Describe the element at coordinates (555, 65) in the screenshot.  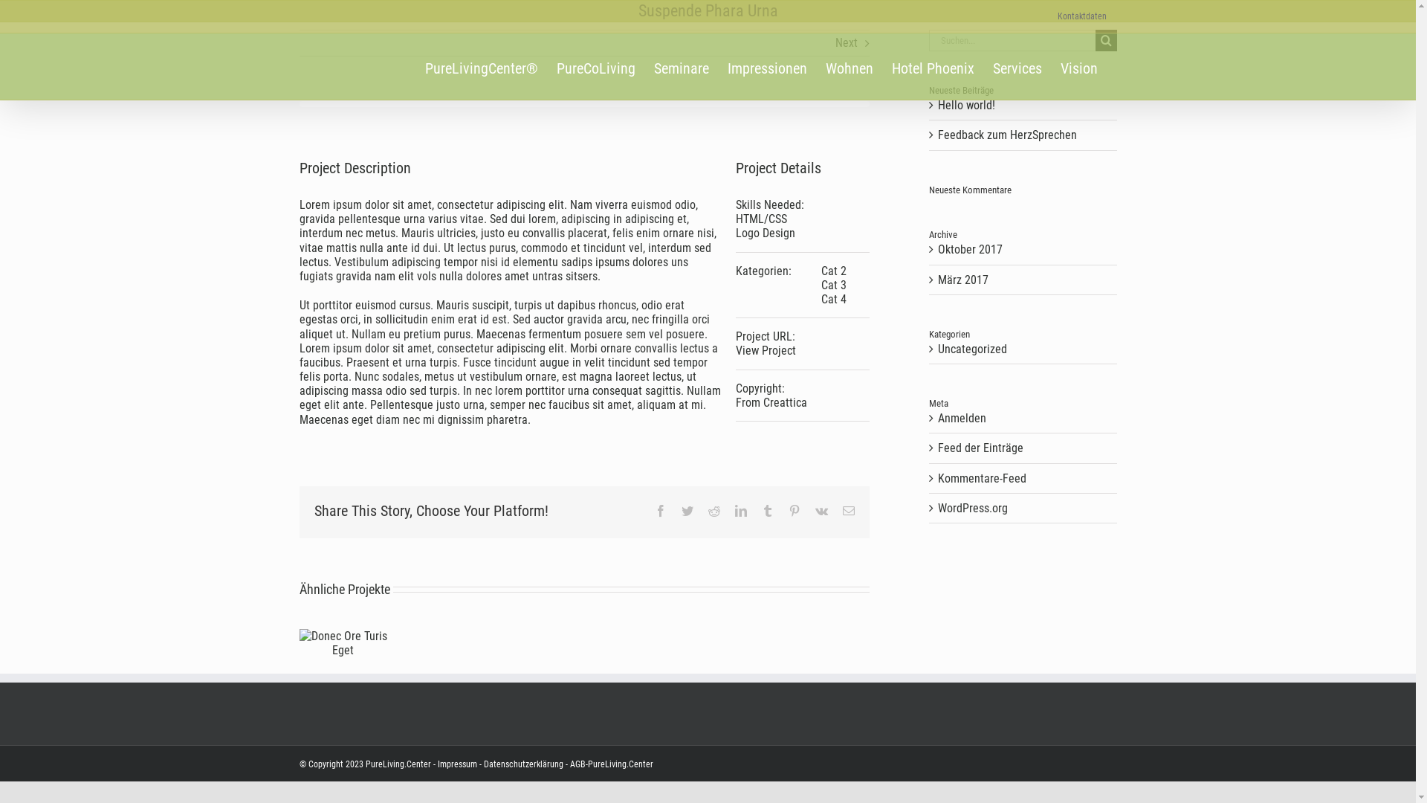
I see `'PureCoLiving'` at that location.